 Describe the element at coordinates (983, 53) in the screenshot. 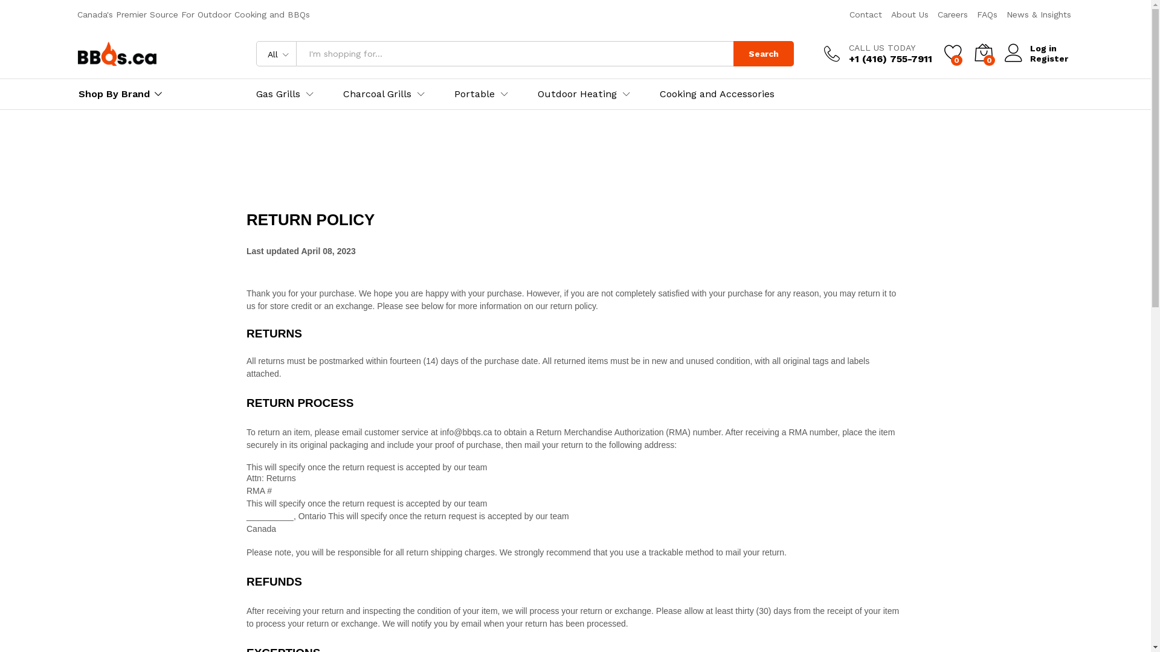

I see `'0'` at that location.